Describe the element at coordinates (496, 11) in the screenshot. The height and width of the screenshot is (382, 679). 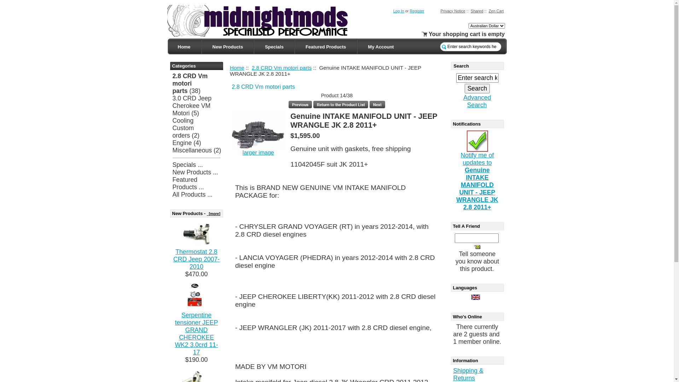
I see `'Zen Cart'` at that location.